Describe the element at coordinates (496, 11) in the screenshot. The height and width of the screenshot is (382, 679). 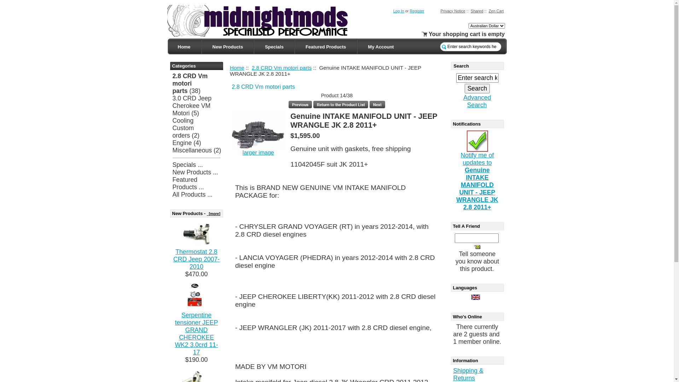
I see `'Zen Cart'` at that location.